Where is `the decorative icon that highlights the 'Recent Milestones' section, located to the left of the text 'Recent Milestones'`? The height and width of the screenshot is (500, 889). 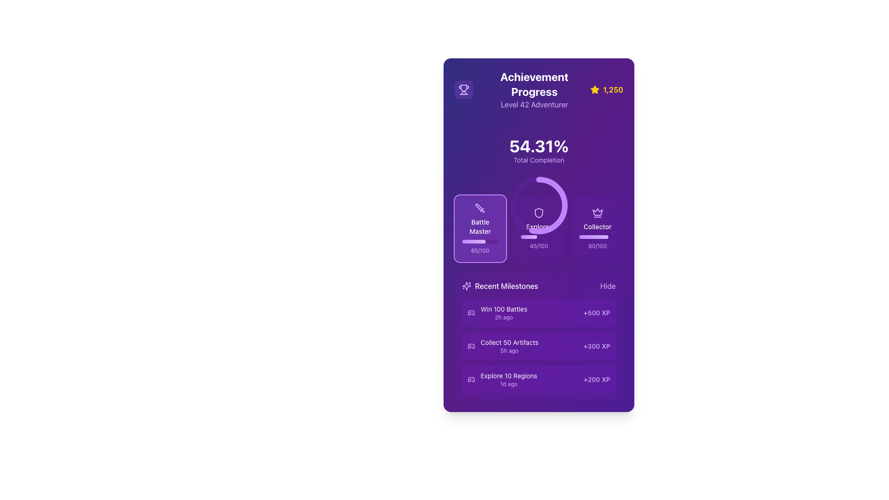
the decorative icon that highlights the 'Recent Milestones' section, located to the left of the text 'Recent Milestones' is located at coordinates (467, 285).